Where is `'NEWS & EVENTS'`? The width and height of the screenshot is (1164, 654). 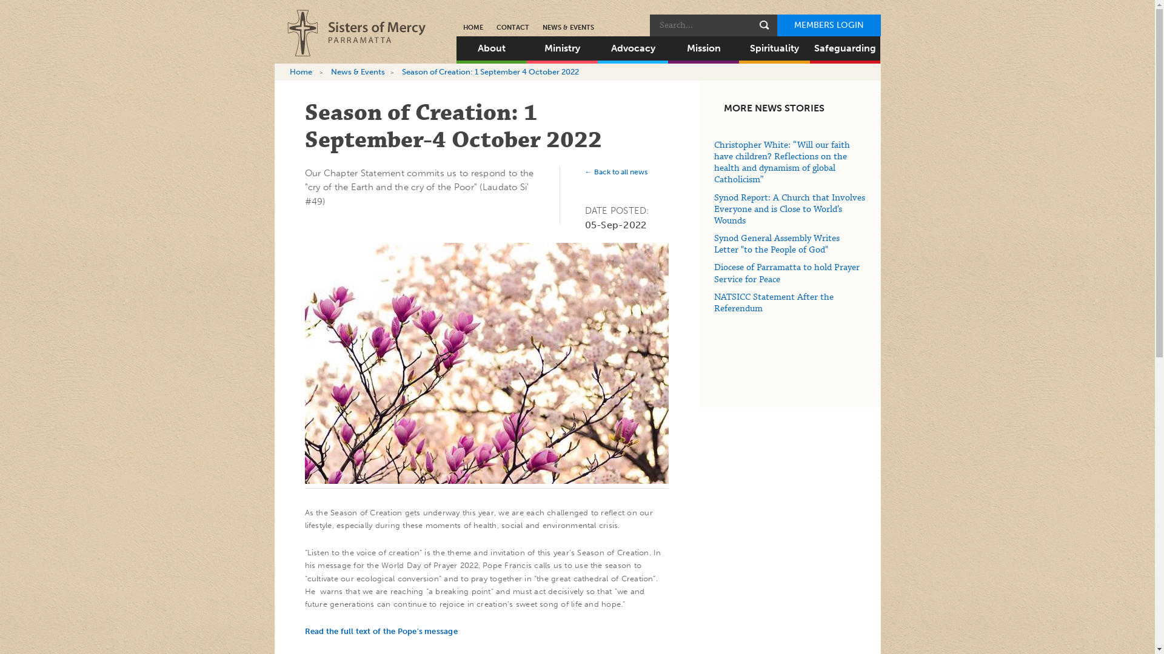 'NEWS & EVENTS' is located at coordinates (567, 27).